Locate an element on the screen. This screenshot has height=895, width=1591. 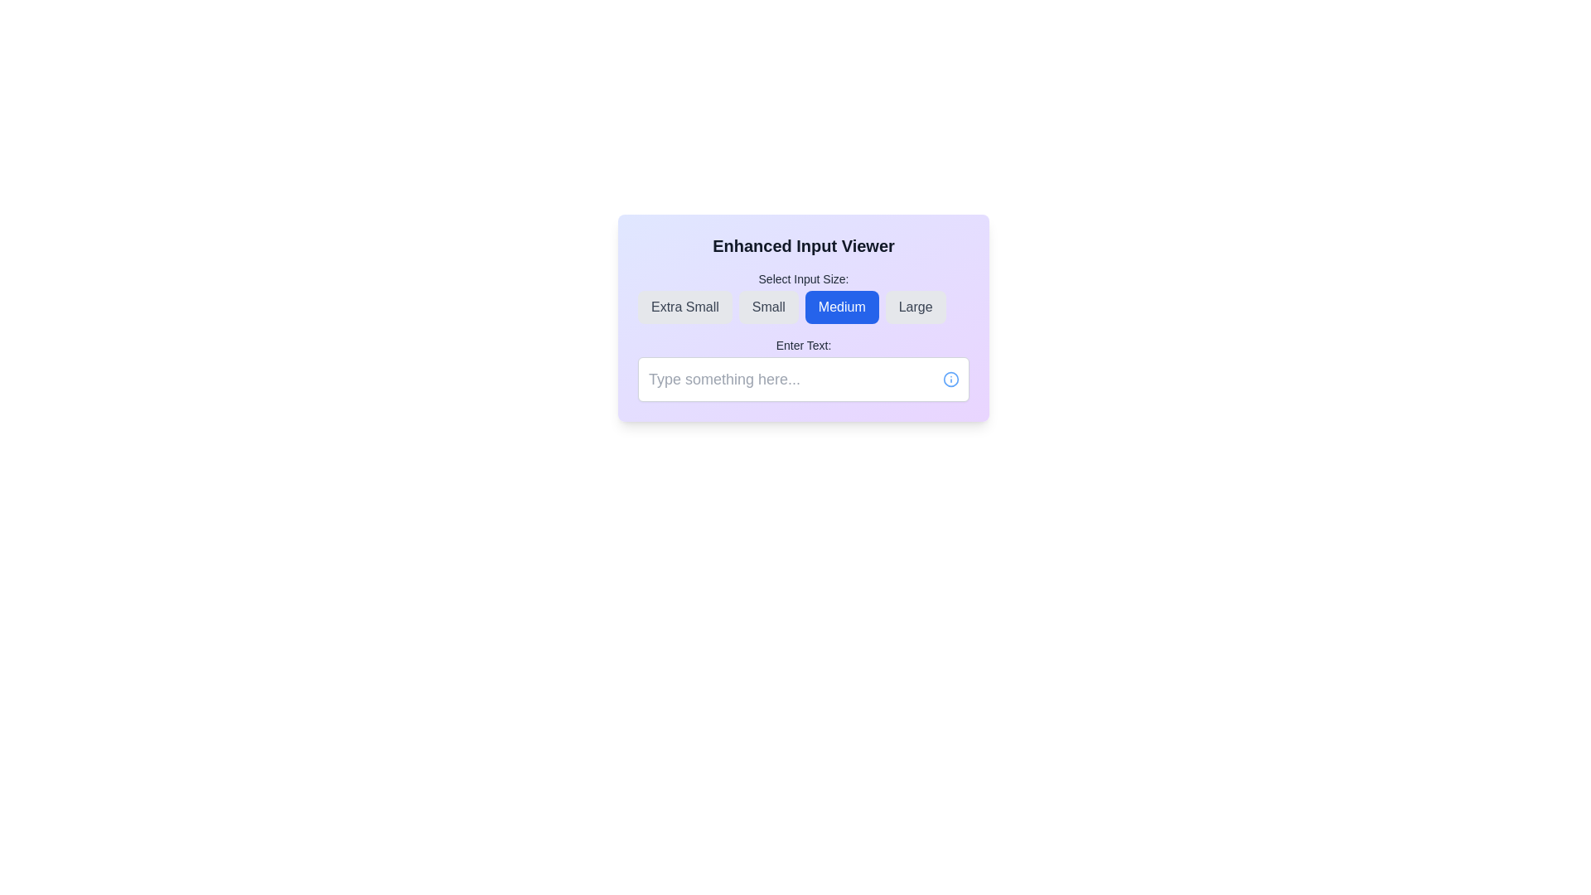
the 'Large' button located in the top right of a row of buttons to change its background color is located at coordinates (915, 307).